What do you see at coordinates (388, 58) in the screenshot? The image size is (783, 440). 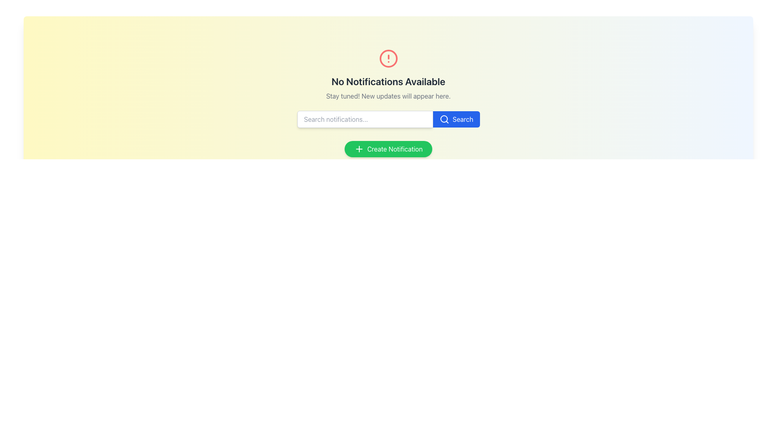 I see `the alert icon that indicates no notifications are available, centrally positioned above the 'No Notifications Available' text` at bounding box center [388, 58].